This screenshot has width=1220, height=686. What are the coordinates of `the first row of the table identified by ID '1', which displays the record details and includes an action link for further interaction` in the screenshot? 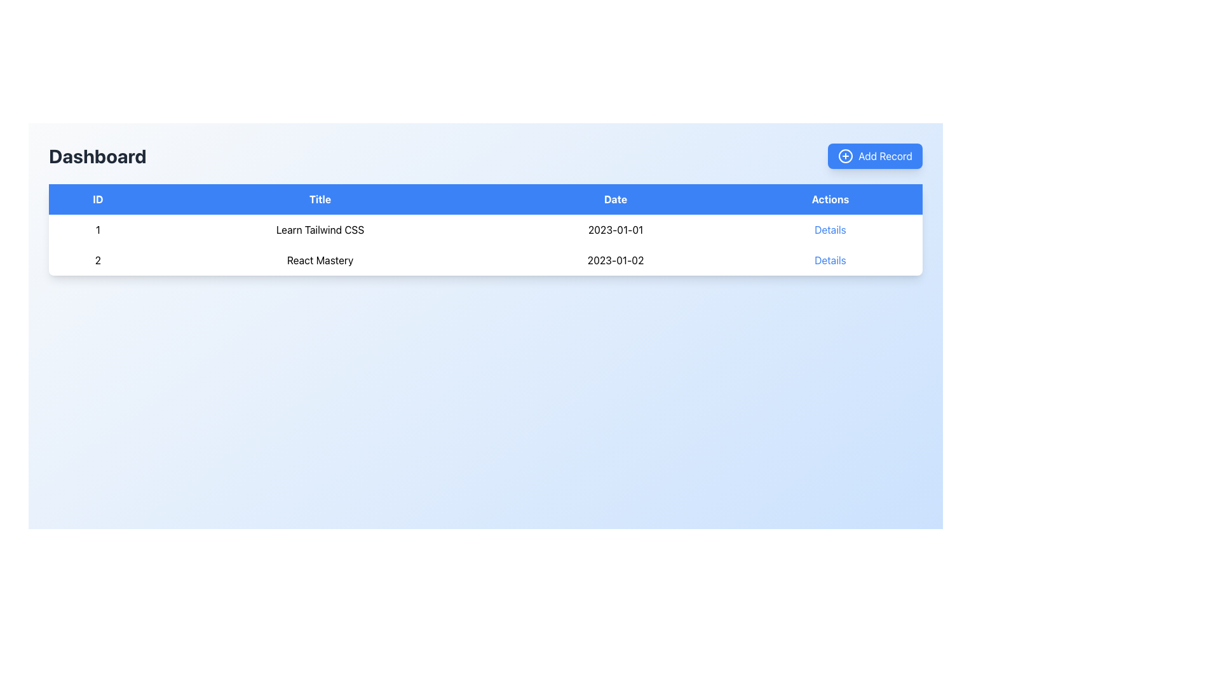 It's located at (485, 230).